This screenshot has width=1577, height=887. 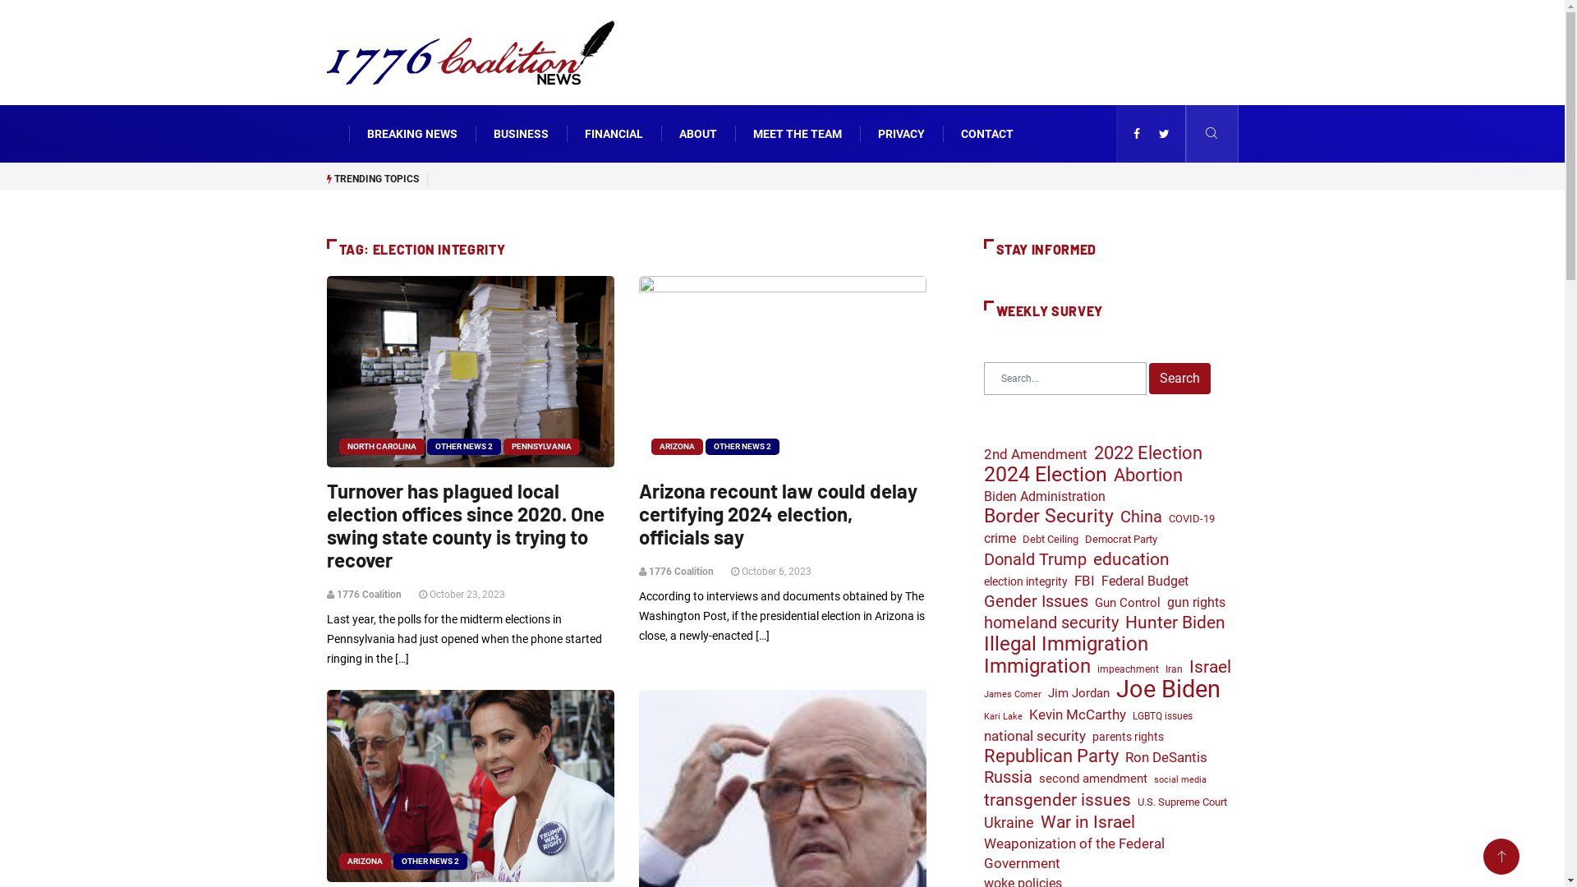 What do you see at coordinates (1044, 475) in the screenshot?
I see `'2024 Election'` at bounding box center [1044, 475].